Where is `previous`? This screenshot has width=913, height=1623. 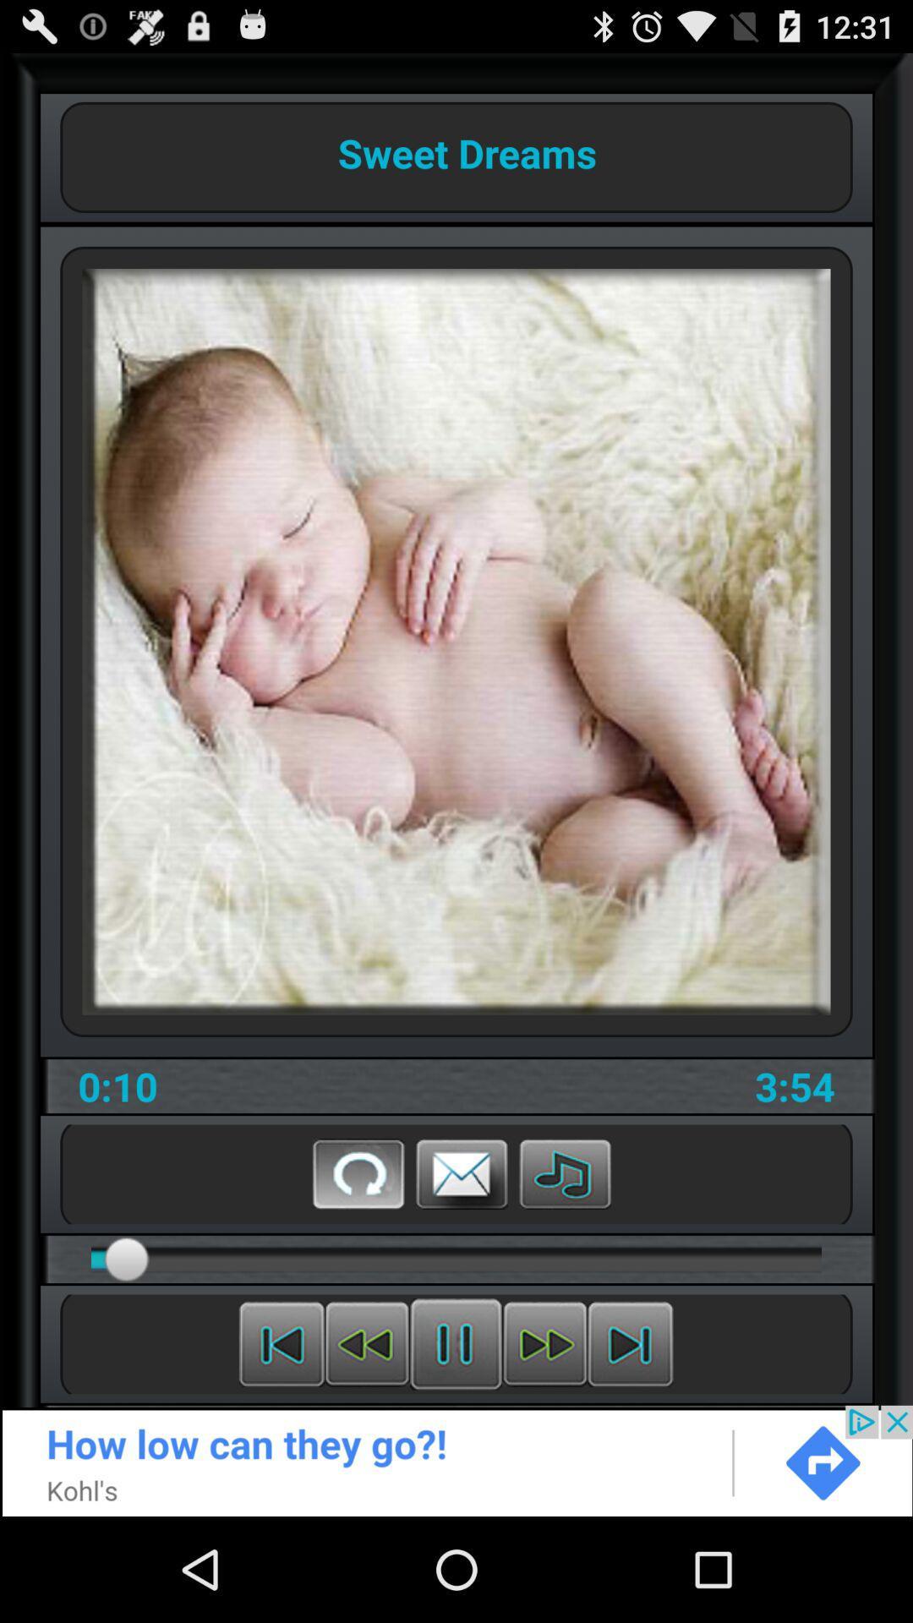 previous is located at coordinates (281, 1343).